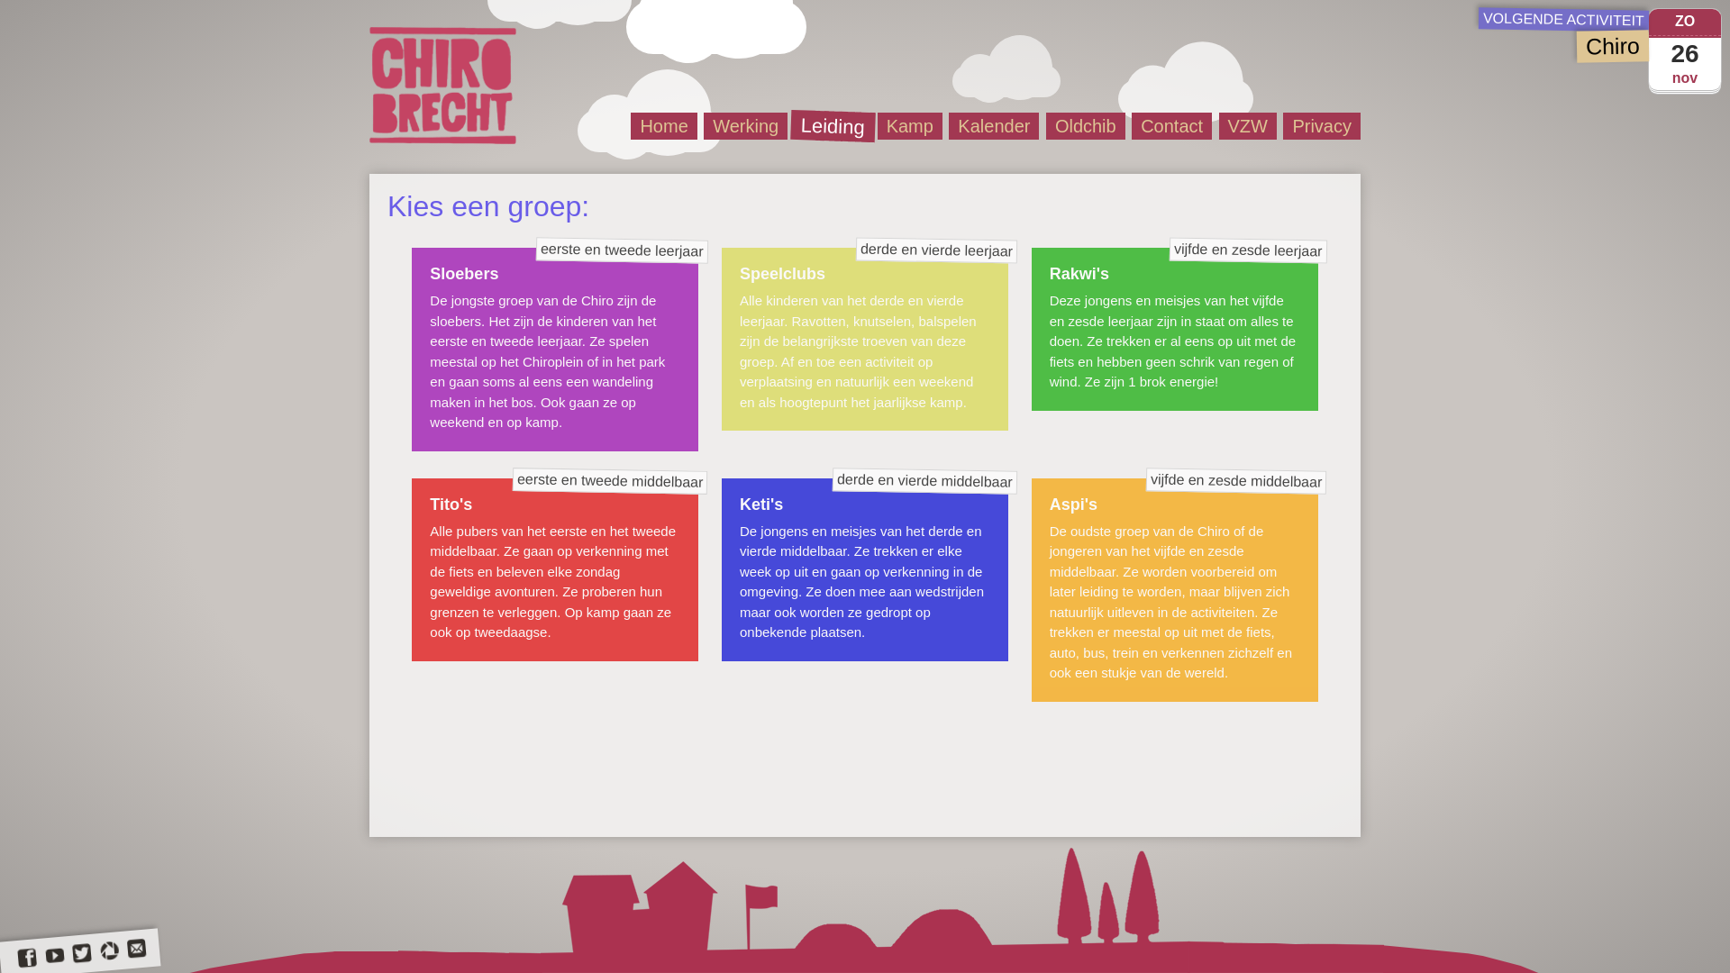 The width and height of the screenshot is (1730, 973). Describe the element at coordinates (25, 958) in the screenshot. I see `'Chiro Brecht op Facebook'` at that location.